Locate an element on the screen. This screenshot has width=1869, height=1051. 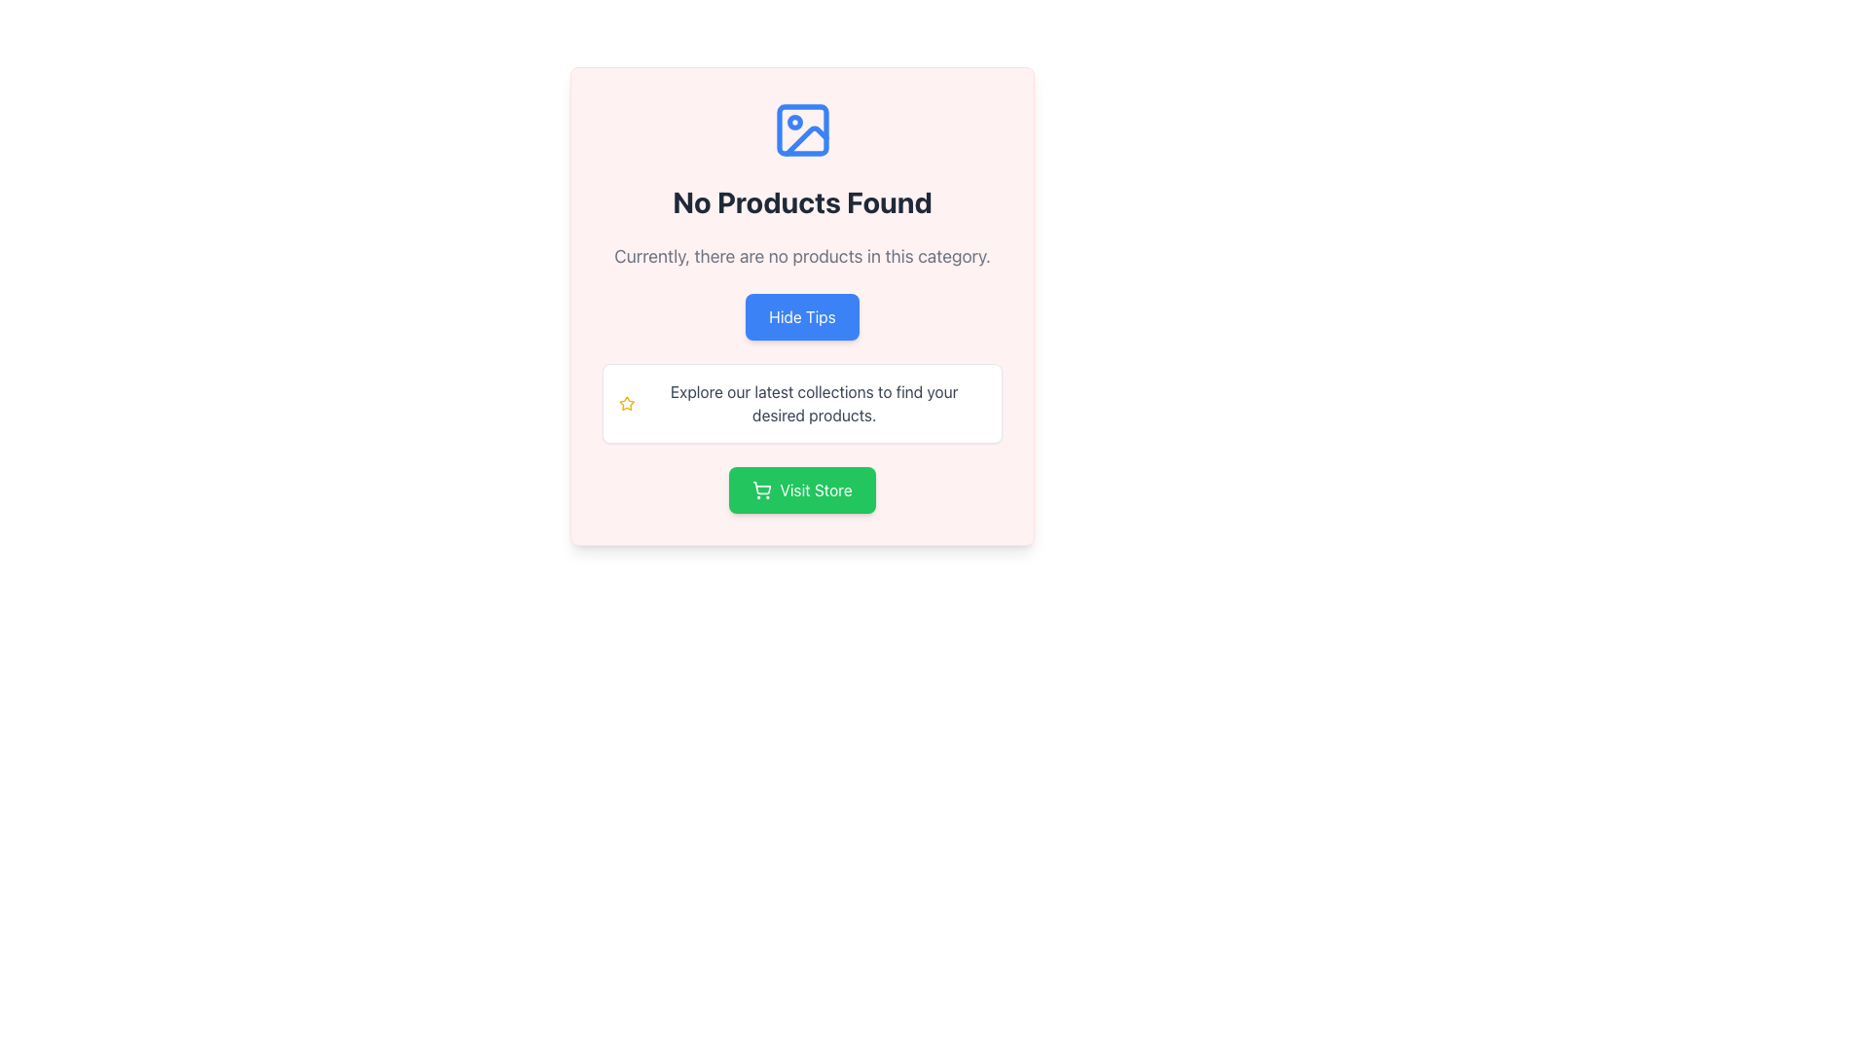
the small square icon with rounded corners within the image icon at the top center of the 'No Products Found' message panel is located at coordinates (802, 130).